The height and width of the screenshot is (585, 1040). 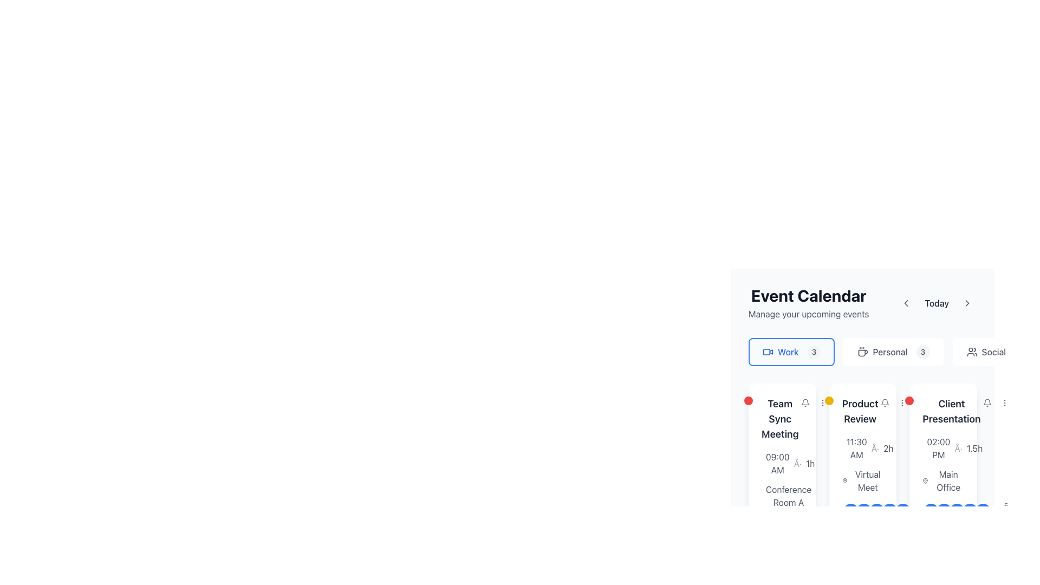 What do you see at coordinates (942, 486) in the screenshot?
I see `the 'Main Office' static text with icon located below the '02:00 PM' timestamp` at bounding box center [942, 486].